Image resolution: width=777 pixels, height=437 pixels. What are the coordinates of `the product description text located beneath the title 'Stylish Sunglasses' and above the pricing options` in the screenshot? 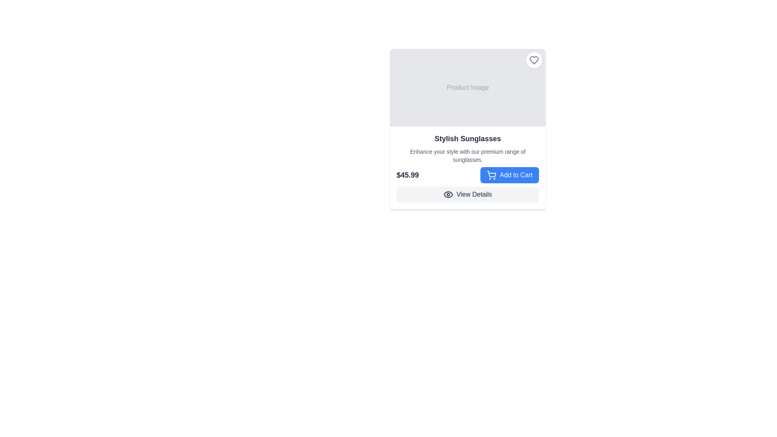 It's located at (468, 156).